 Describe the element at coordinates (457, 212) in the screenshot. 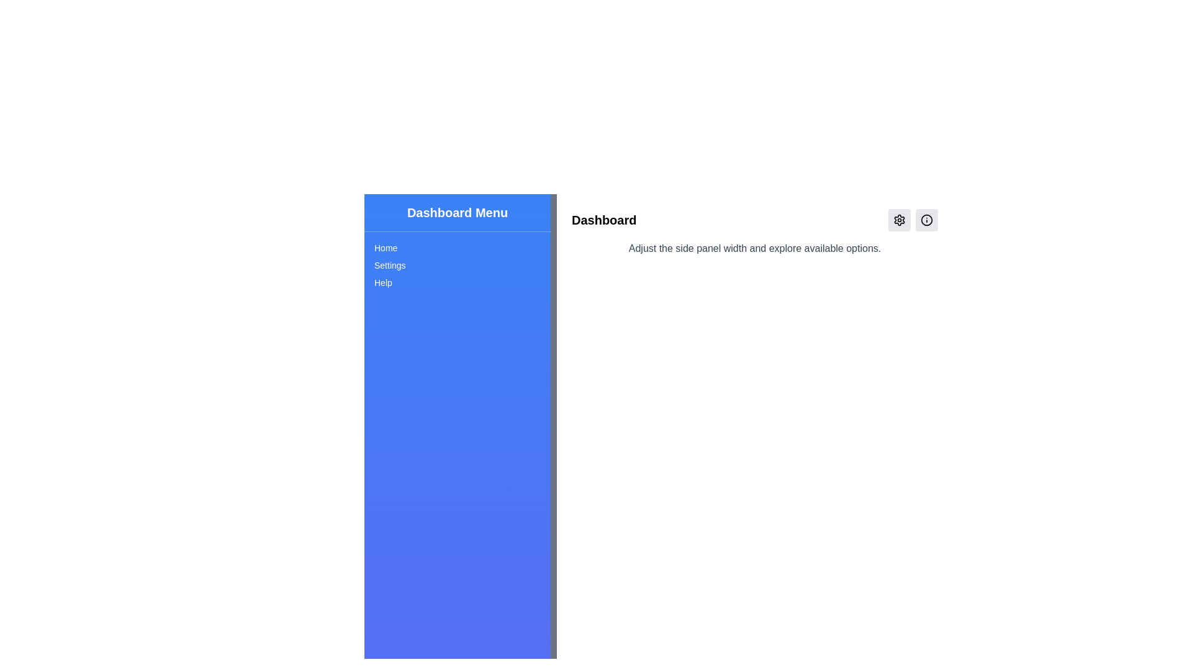

I see `the 'Dashboard Menu' header located at the top of the blue sidebar` at that location.